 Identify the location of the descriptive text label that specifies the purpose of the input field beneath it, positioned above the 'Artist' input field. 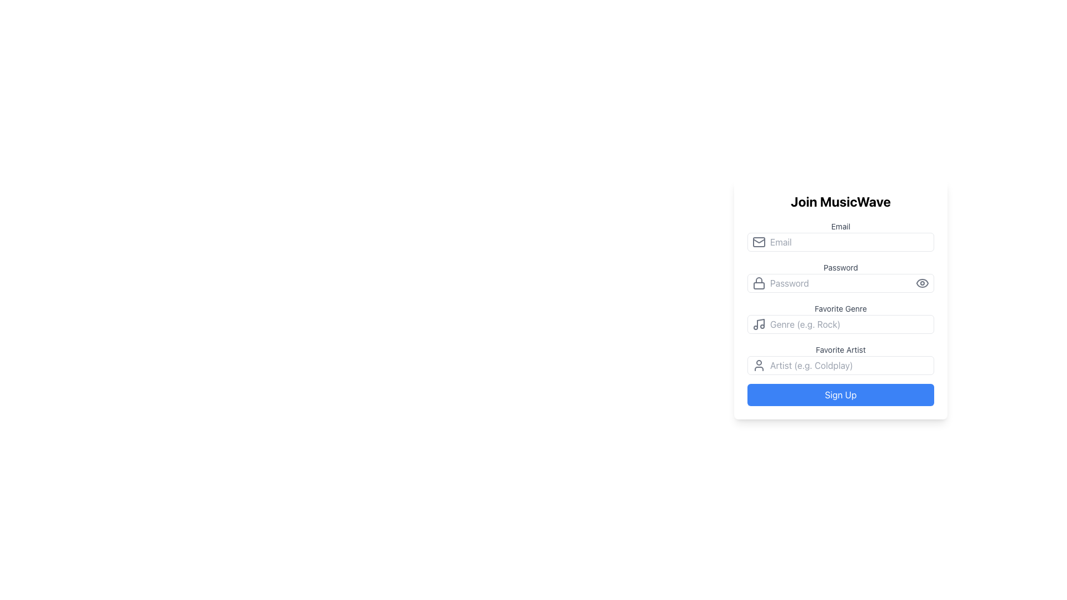
(840, 349).